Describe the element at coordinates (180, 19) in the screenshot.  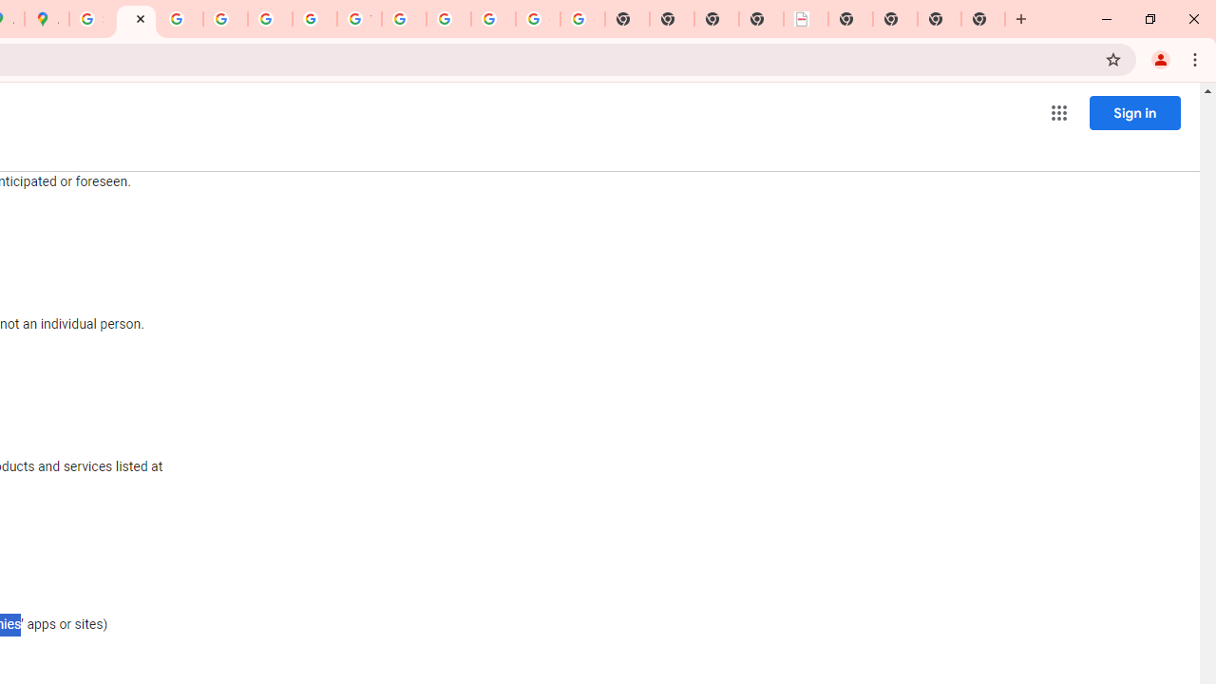
I see `'Privacy Help Center - Policies Help'` at that location.